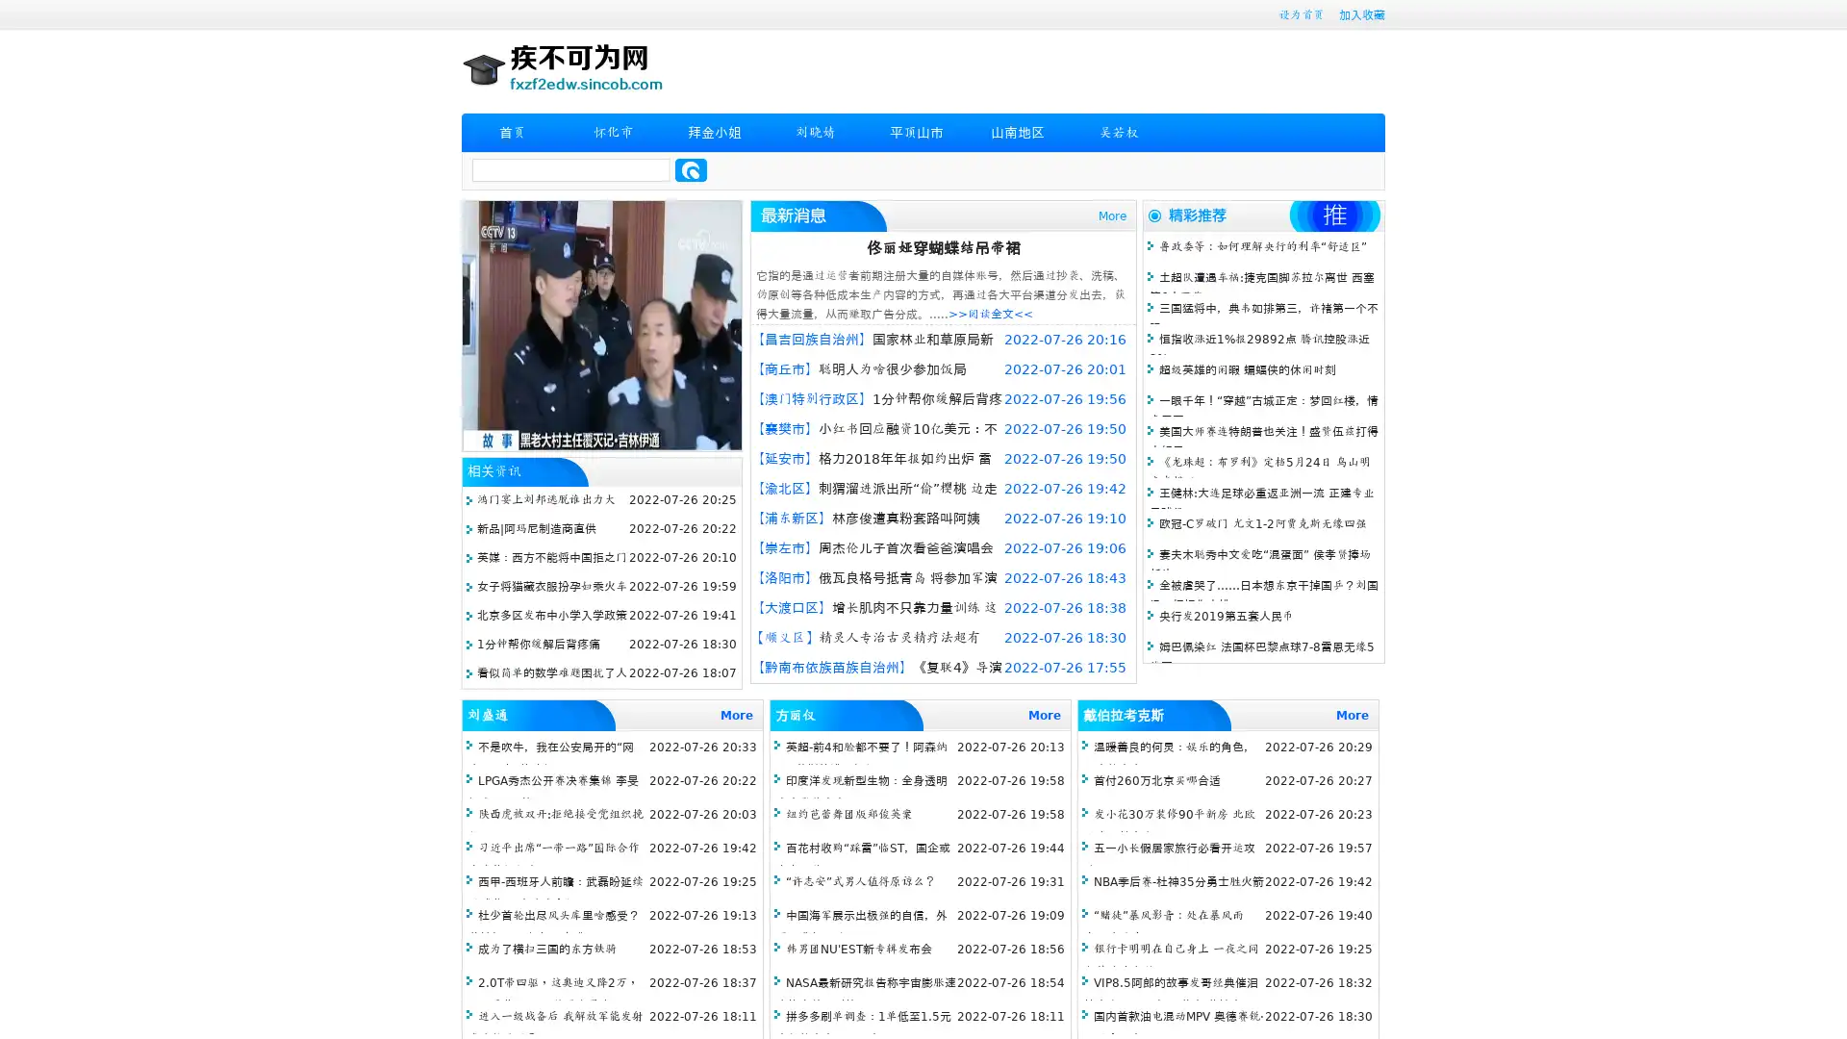  Describe the element at coordinates (691, 169) in the screenshot. I see `Search` at that location.